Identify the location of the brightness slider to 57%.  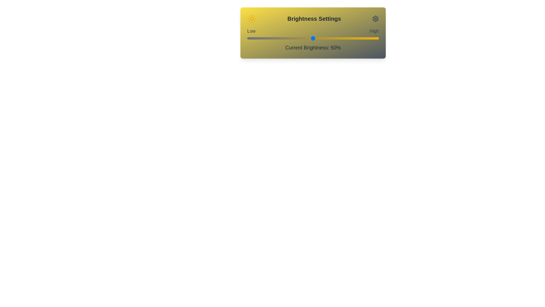
(322, 38).